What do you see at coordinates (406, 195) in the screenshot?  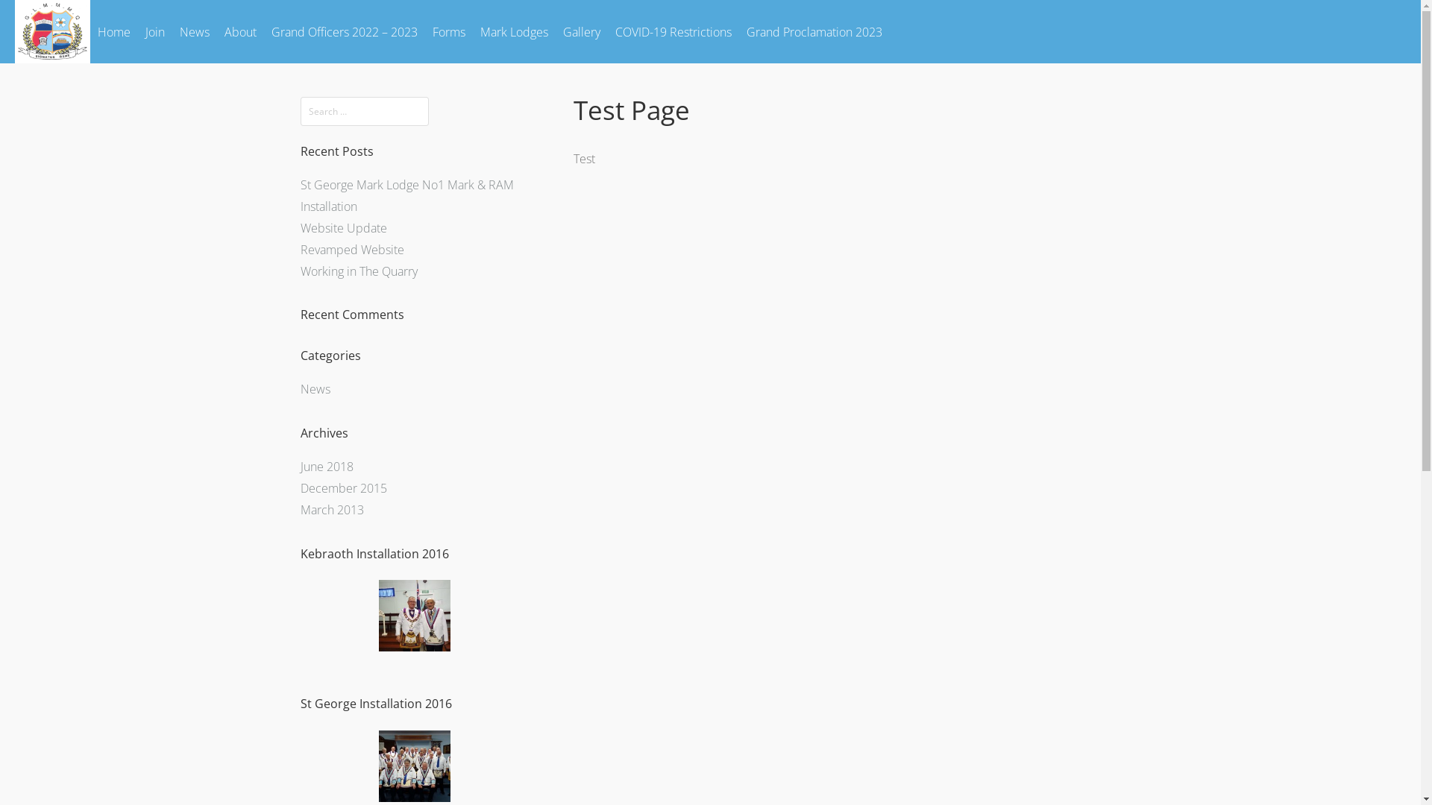 I see `'St George Mark Lodge No1 Mark & RAM Installation'` at bounding box center [406, 195].